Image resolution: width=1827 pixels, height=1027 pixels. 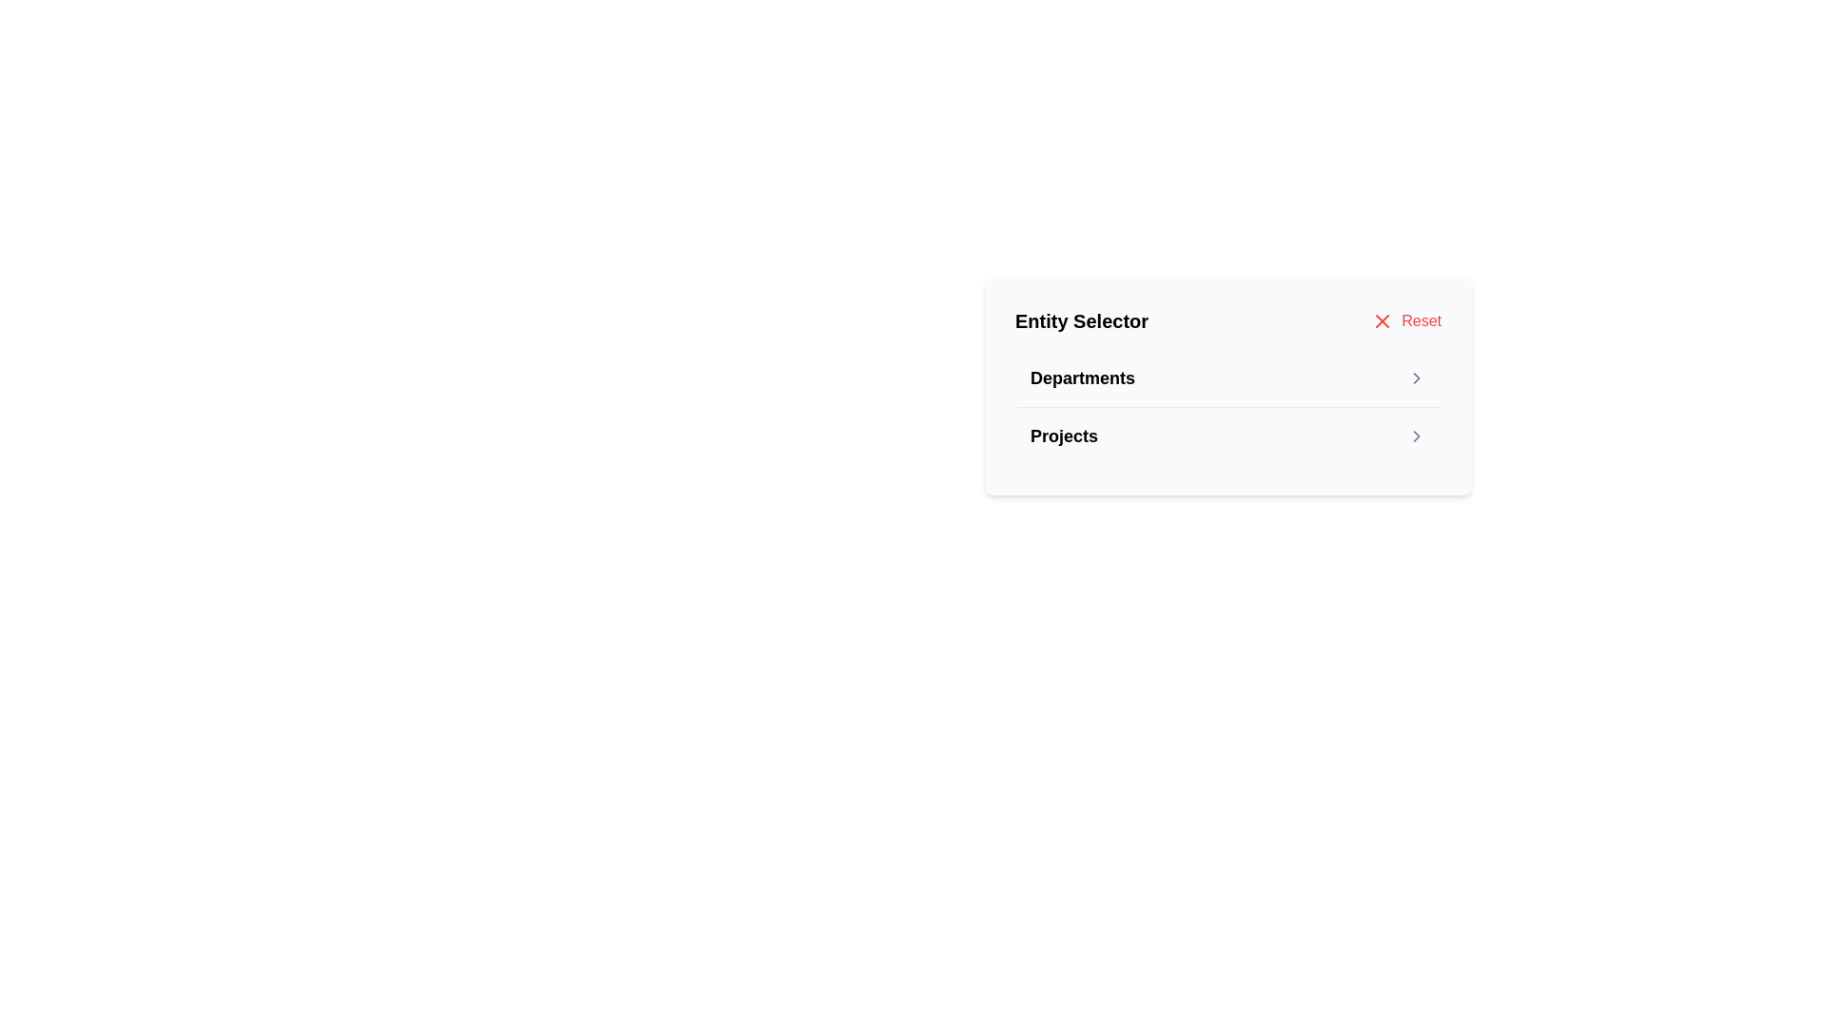 What do you see at coordinates (1383, 320) in the screenshot?
I see `the cancellation icon located at the top-right corner of the interface` at bounding box center [1383, 320].